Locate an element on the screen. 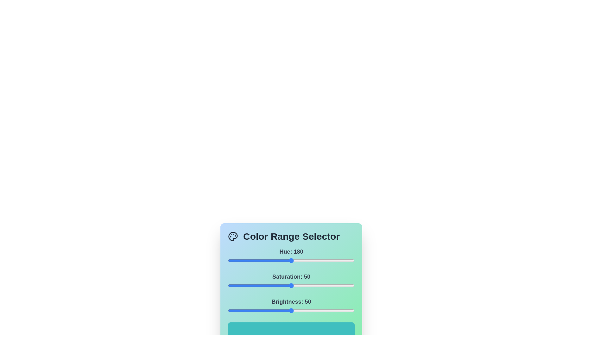 The width and height of the screenshot is (608, 342). the 0 slider to 38 is located at coordinates (241, 260).